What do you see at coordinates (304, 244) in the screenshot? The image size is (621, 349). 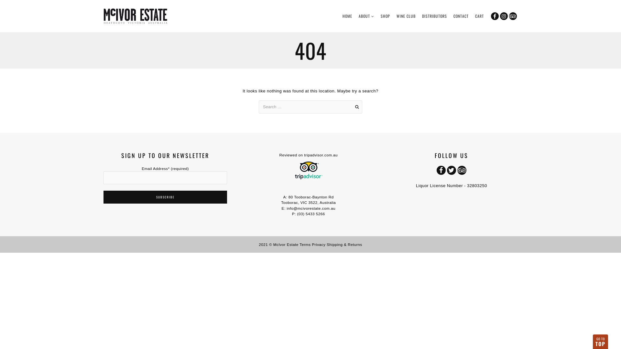 I see `'Terms'` at bounding box center [304, 244].